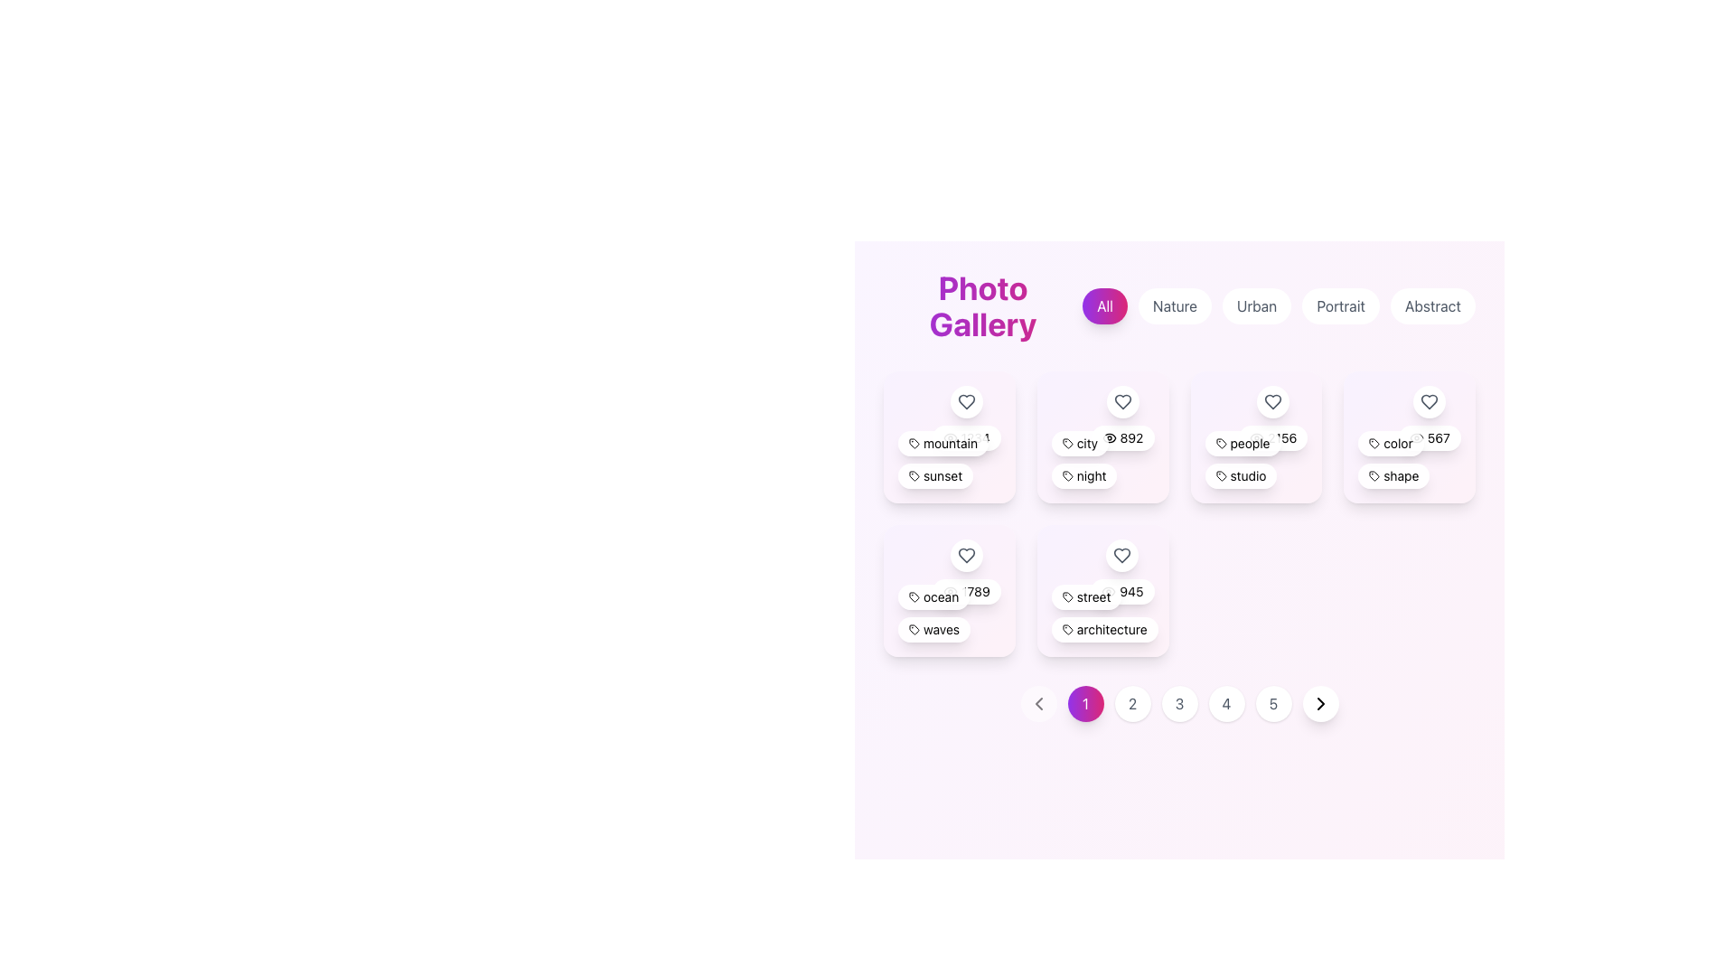  Describe the element at coordinates (966, 554) in the screenshot. I see `the heart-shaped icon styled as an empty outline, representing a favorite or like feature, located at the top-right corner of the box containing the text 'ocean' and 'waves'` at that location.